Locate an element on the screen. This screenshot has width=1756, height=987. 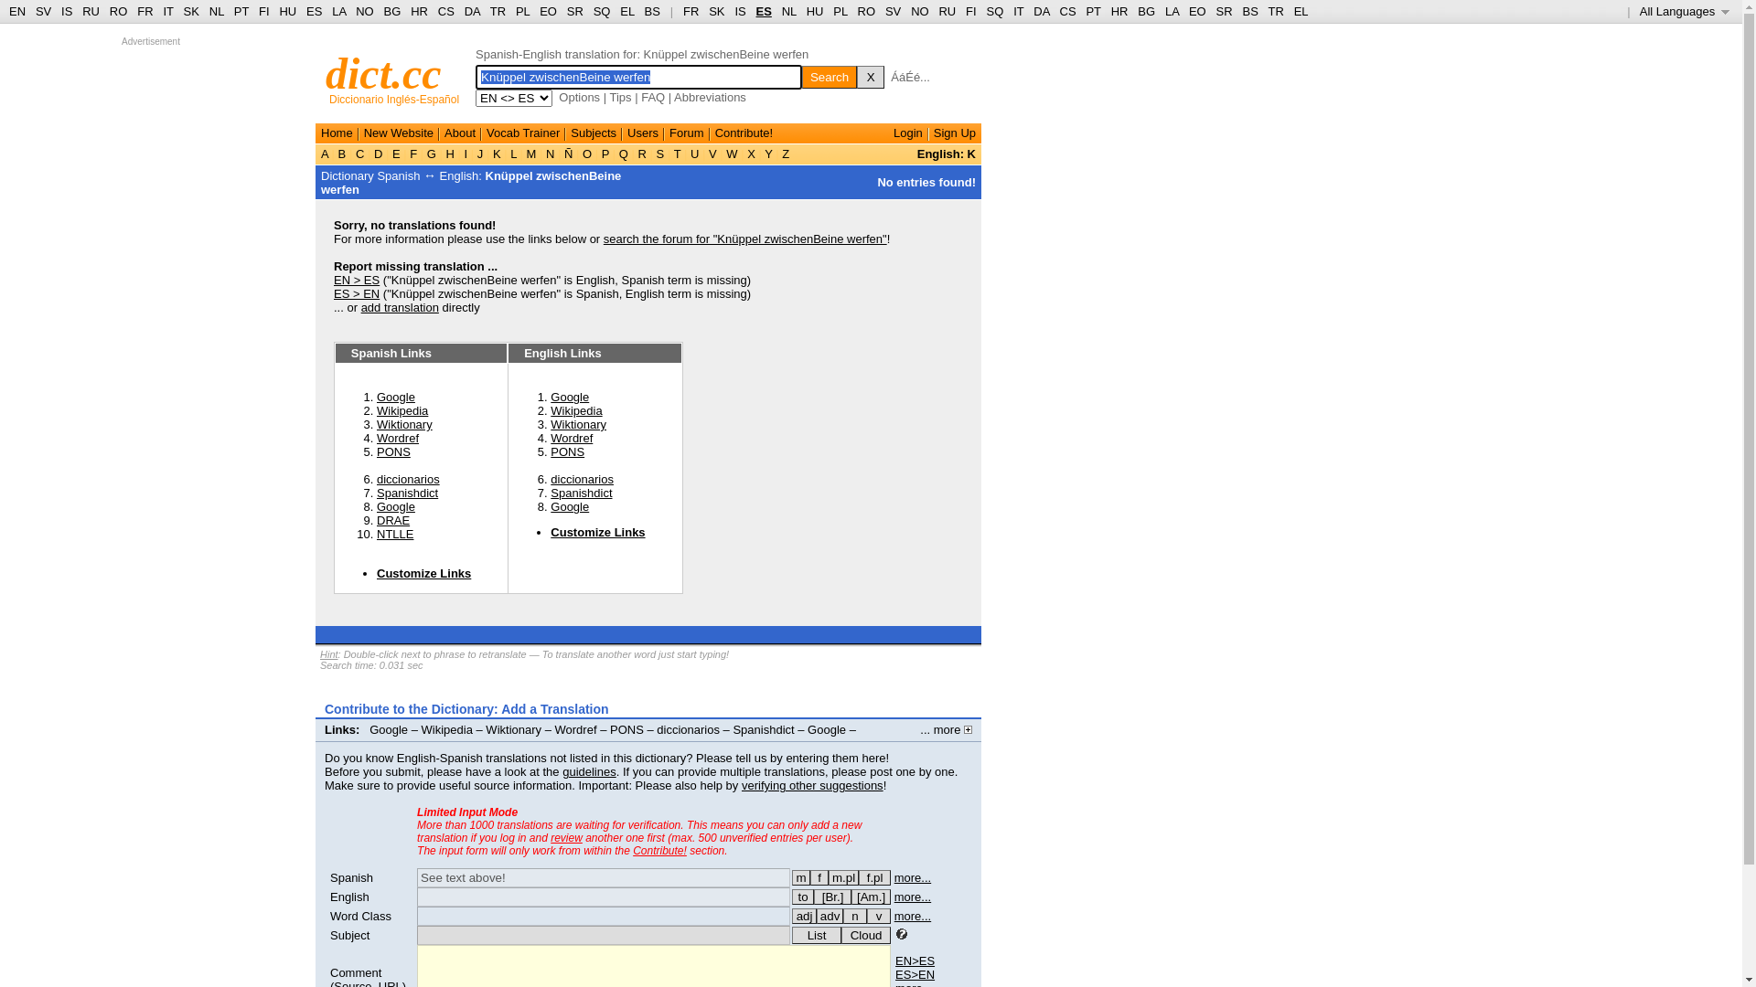
'Q' is located at coordinates (615, 153).